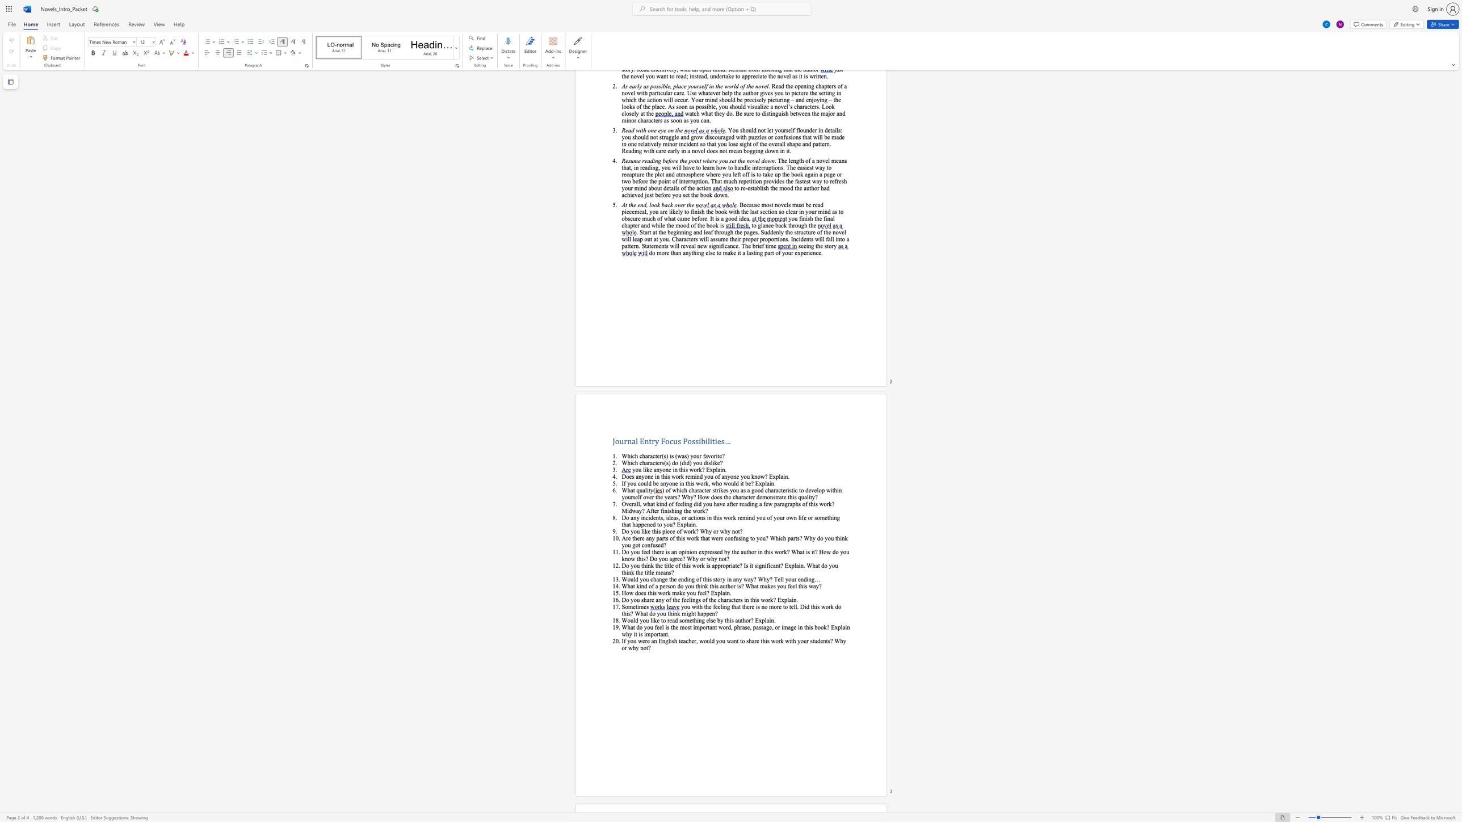 Image resolution: width=1462 pixels, height=822 pixels. Describe the element at coordinates (759, 504) in the screenshot. I see `the subset text "a few paragraphs of thi" within the text "Overall, what kind of feeling did you have after reading a few paragraphs of this work? Midway? After finishing the work?"` at that location.